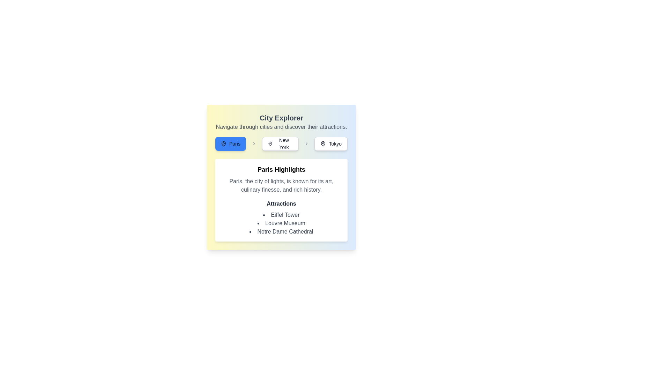  I want to click on the static text item reading 'Eiffel Tower' styled in gray color, which is the first item in the bulleted list under the heading 'Attractions' in the 'Paris Highlights' section, so click(281, 215).